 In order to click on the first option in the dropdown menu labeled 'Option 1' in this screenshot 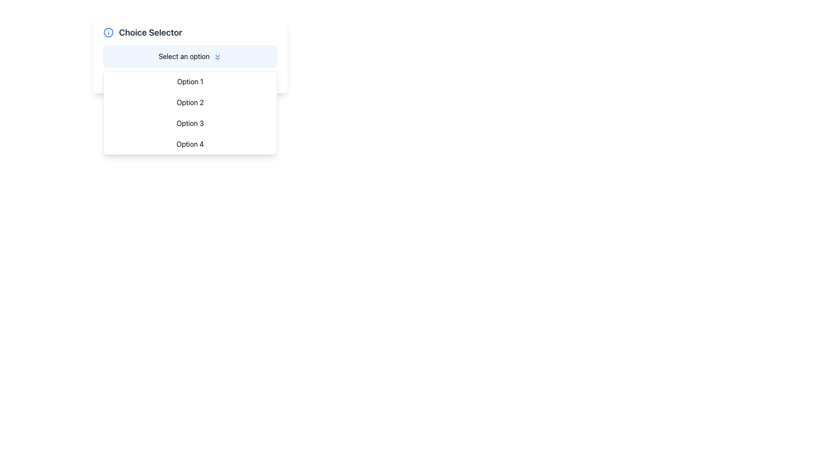, I will do `click(189, 82)`.